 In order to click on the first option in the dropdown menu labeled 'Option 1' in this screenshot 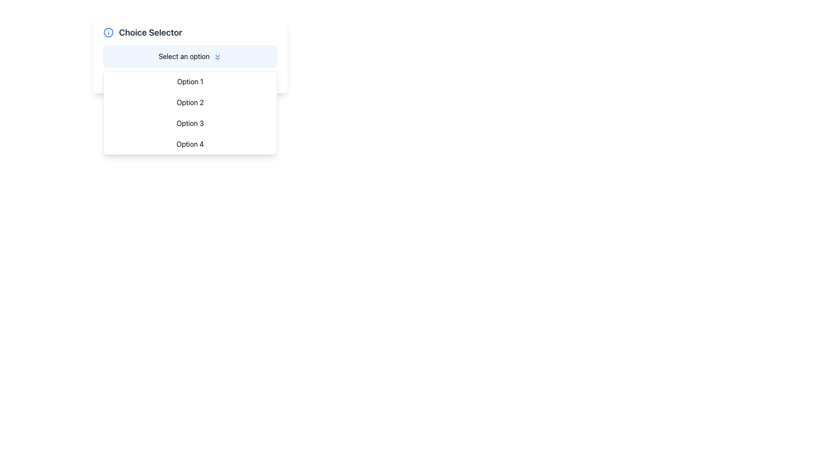, I will do `click(189, 82)`.